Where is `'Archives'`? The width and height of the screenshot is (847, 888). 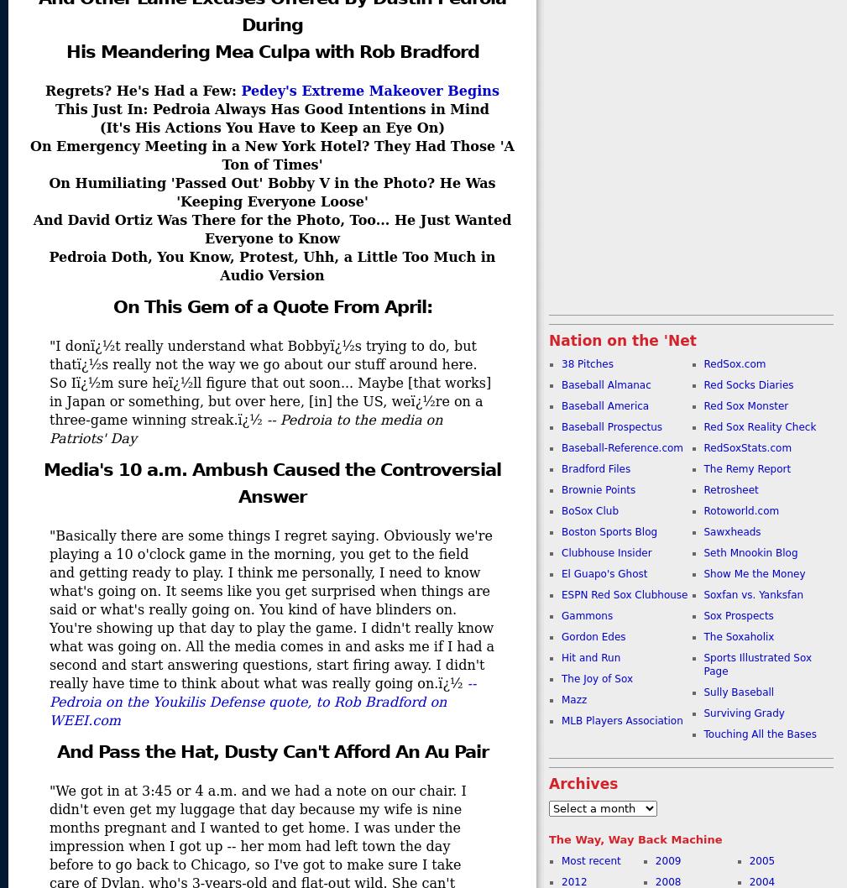 'Archives' is located at coordinates (549, 784).